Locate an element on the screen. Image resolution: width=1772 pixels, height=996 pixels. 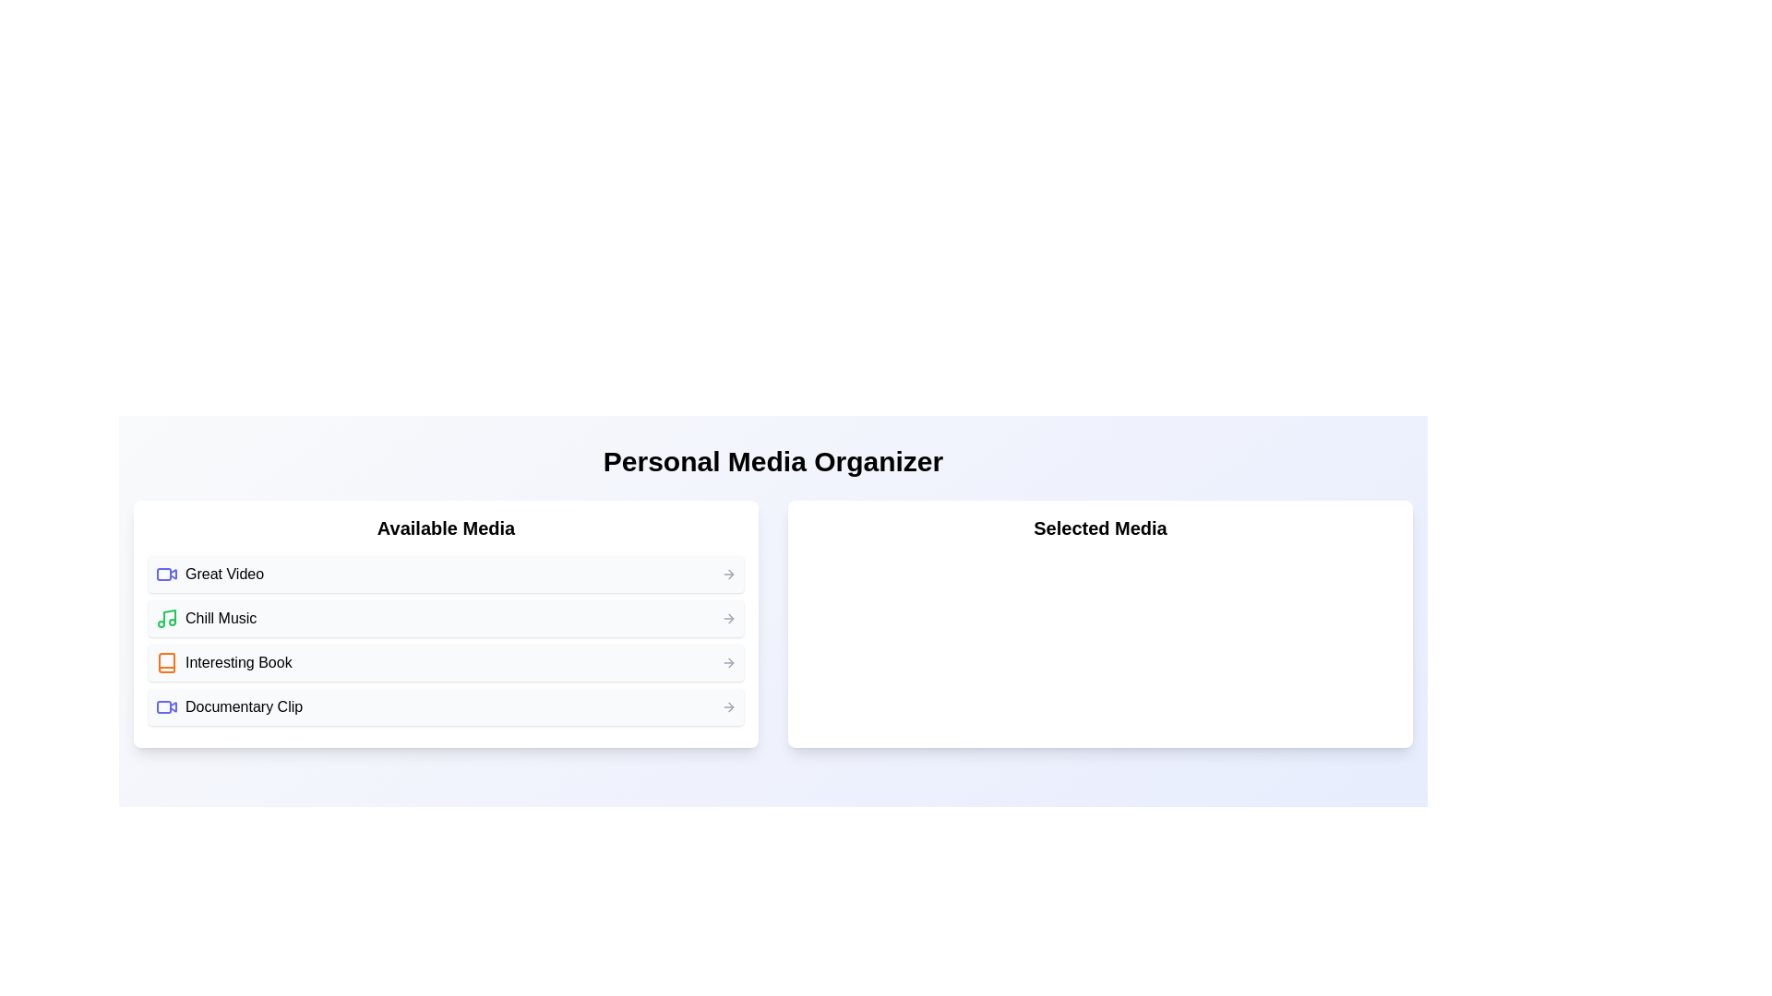
the right-facing arrow icon, which indicates navigation for the 'Chill Music' media item in the 'Available Media' section is located at coordinates (728, 619).